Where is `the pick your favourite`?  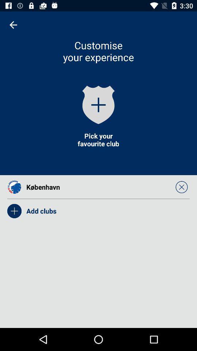
the pick your favourite is located at coordinates (98, 139).